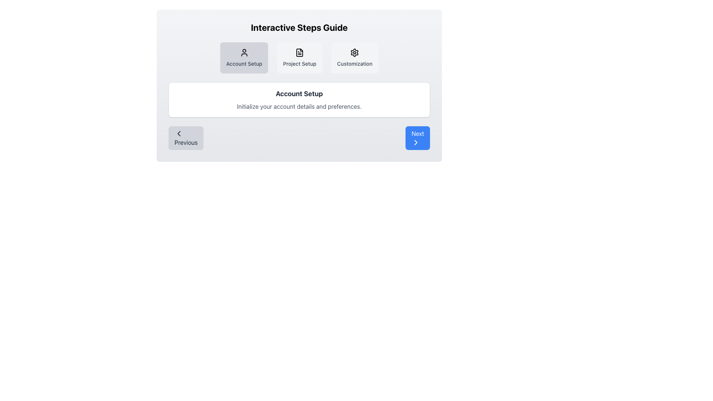 The width and height of the screenshot is (713, 401). I want to click on the Informational Box titled 'Account Setup', which features a white rectangular design with rounded corners, a bold title in black, and a lighter subtext below, so click(299, 100).